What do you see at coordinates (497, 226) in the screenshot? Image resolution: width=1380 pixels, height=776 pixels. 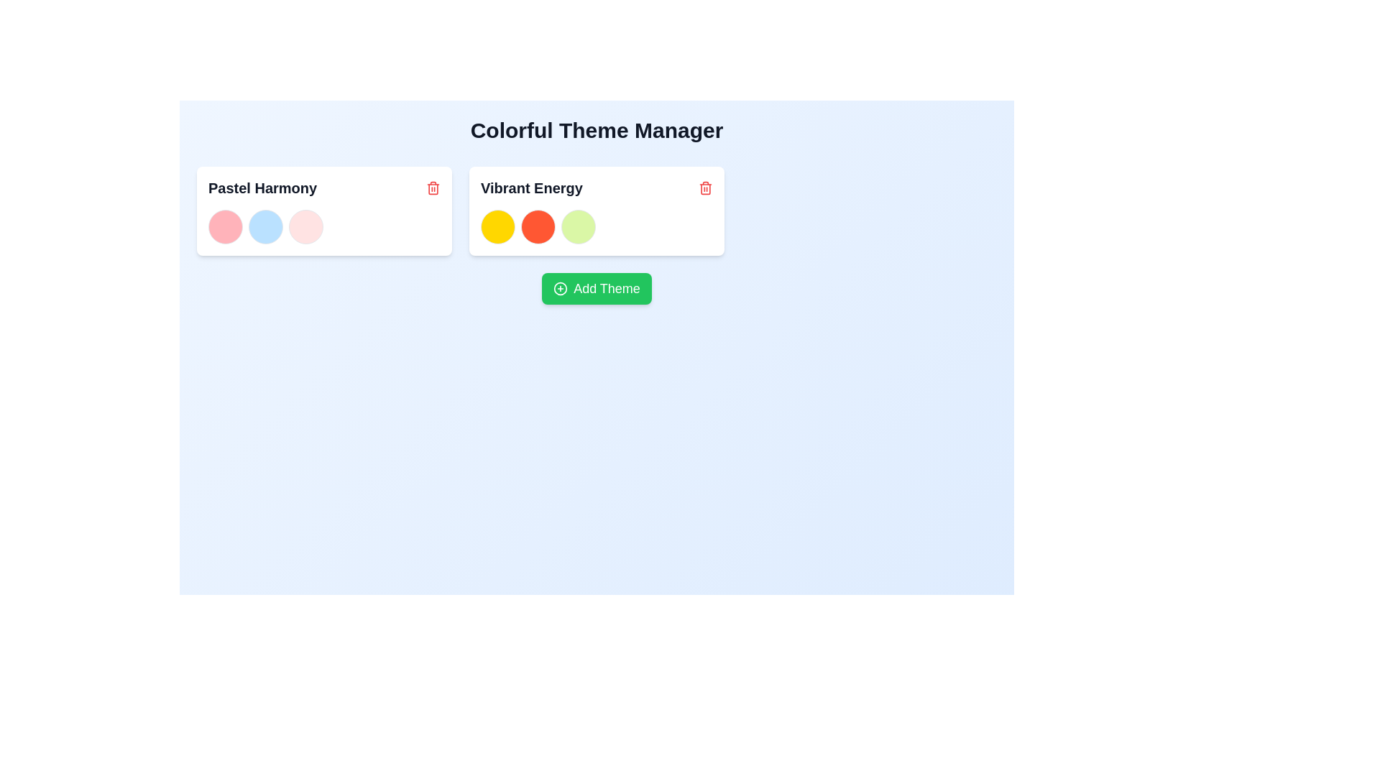 I see `the leftmost bright yellow circular visual indicator in the 'Vibrant Energy' section of the interface` at bounding box center [497, 226].